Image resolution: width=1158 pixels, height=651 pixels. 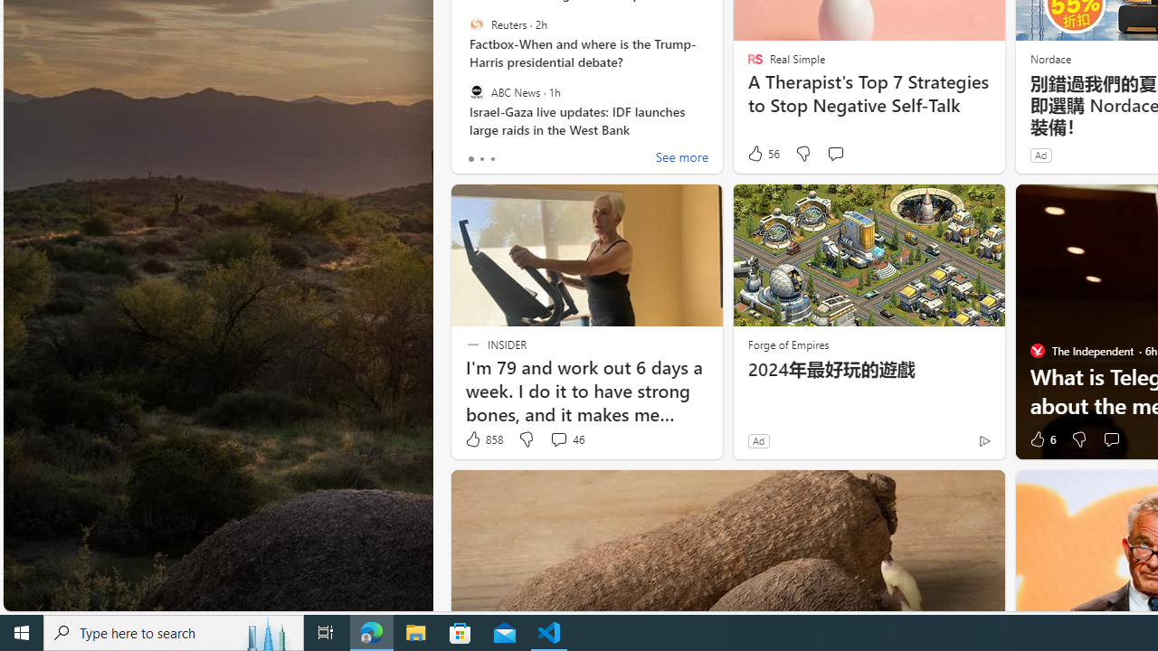 I want to click on 'View comments 46 Comment', so click(x=565, y=439).